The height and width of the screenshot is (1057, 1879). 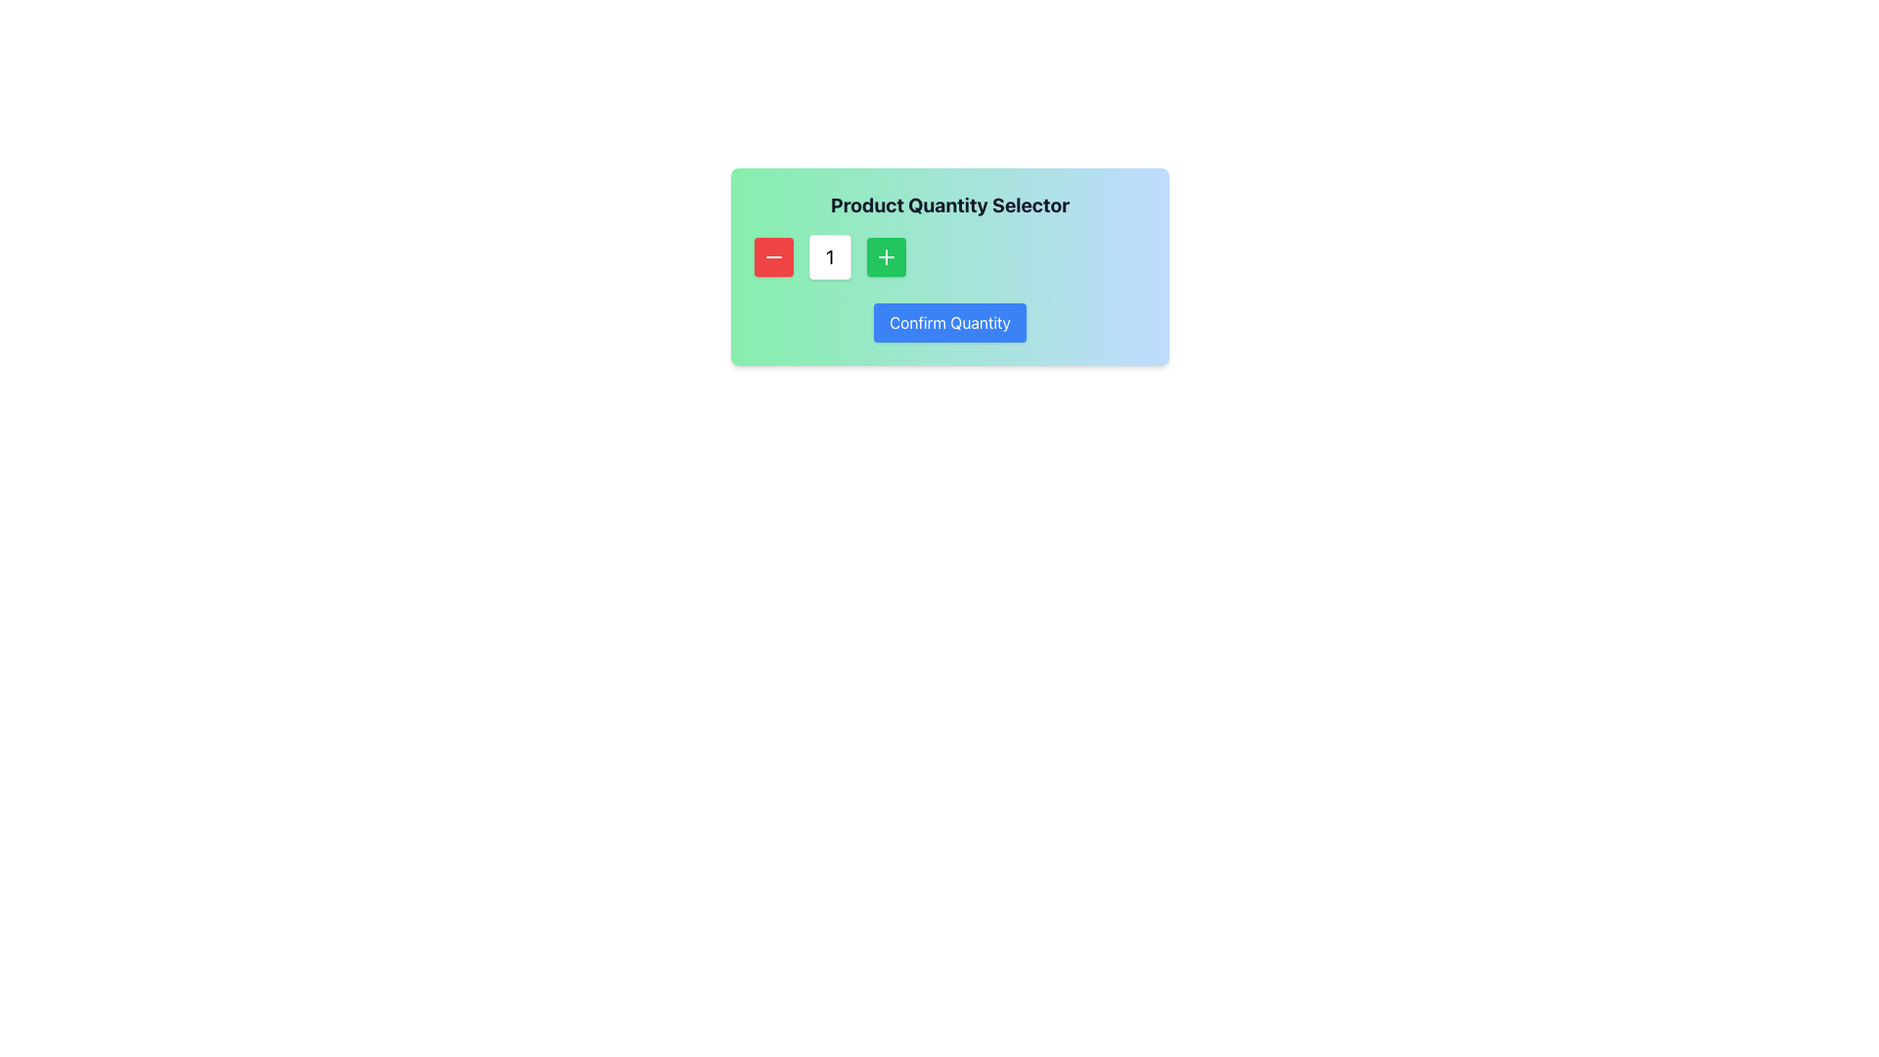 What do you see at coordinates (885, 255) in the screenshot?
I see `the green square button with a white plus symbol (+)` at bounding box center [885, 255].